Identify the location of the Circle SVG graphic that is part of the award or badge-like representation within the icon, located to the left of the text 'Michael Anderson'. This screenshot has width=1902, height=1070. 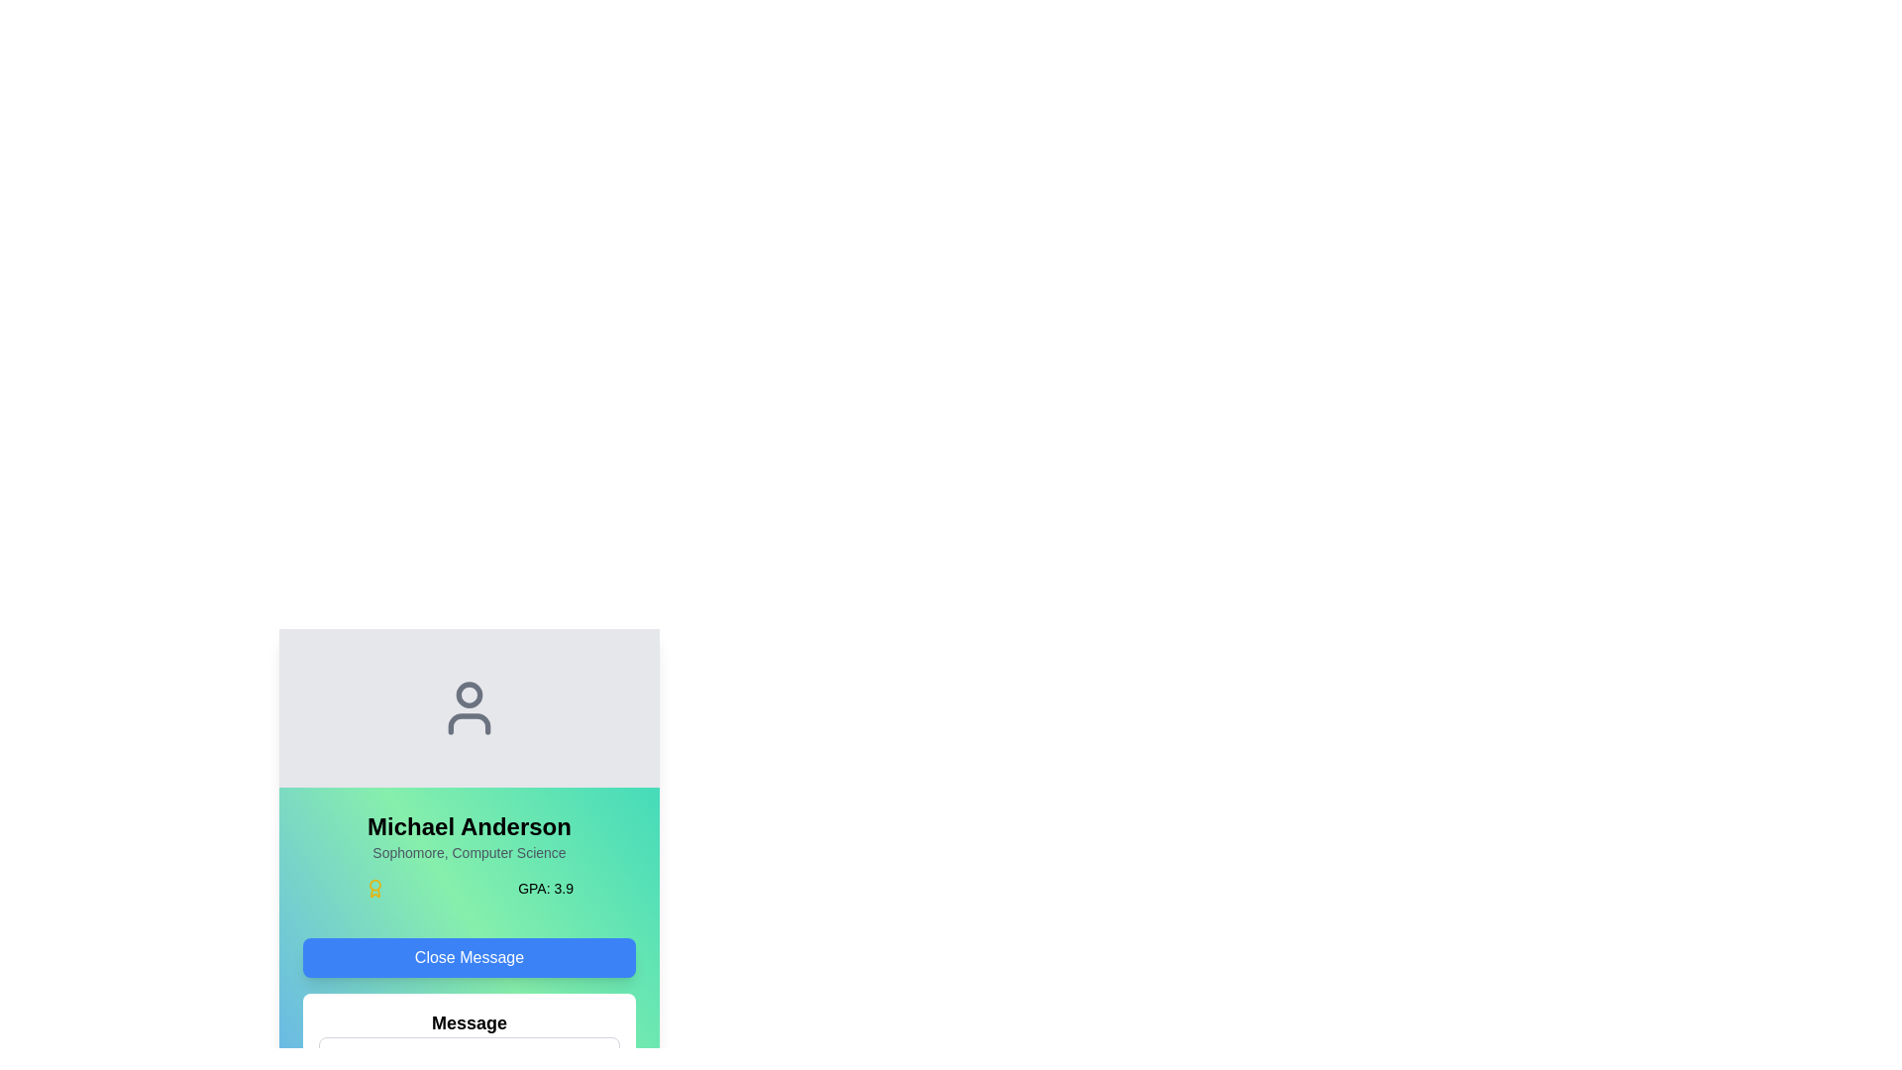
(375, 884).